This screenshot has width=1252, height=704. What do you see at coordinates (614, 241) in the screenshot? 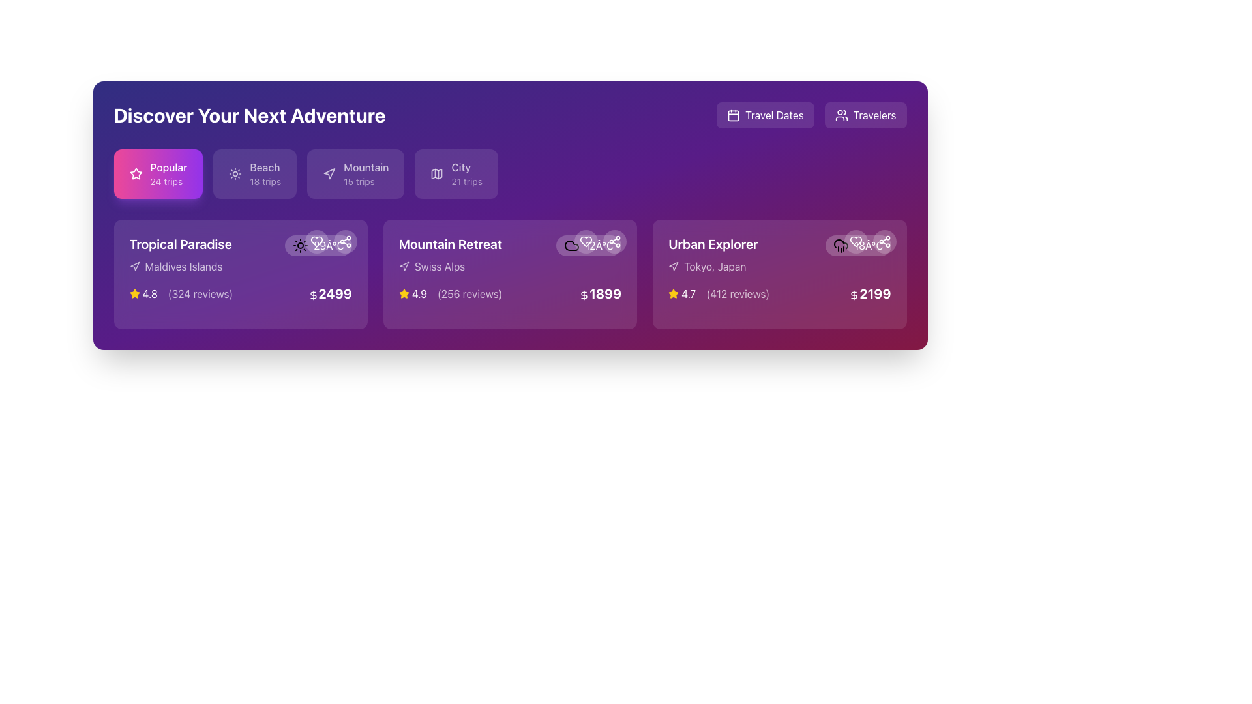
I see `the 'Share' icon button located in the top-right area of the 'Mountain Retreat' card to initiate sharing functionality` at bounding box center [614, 241].